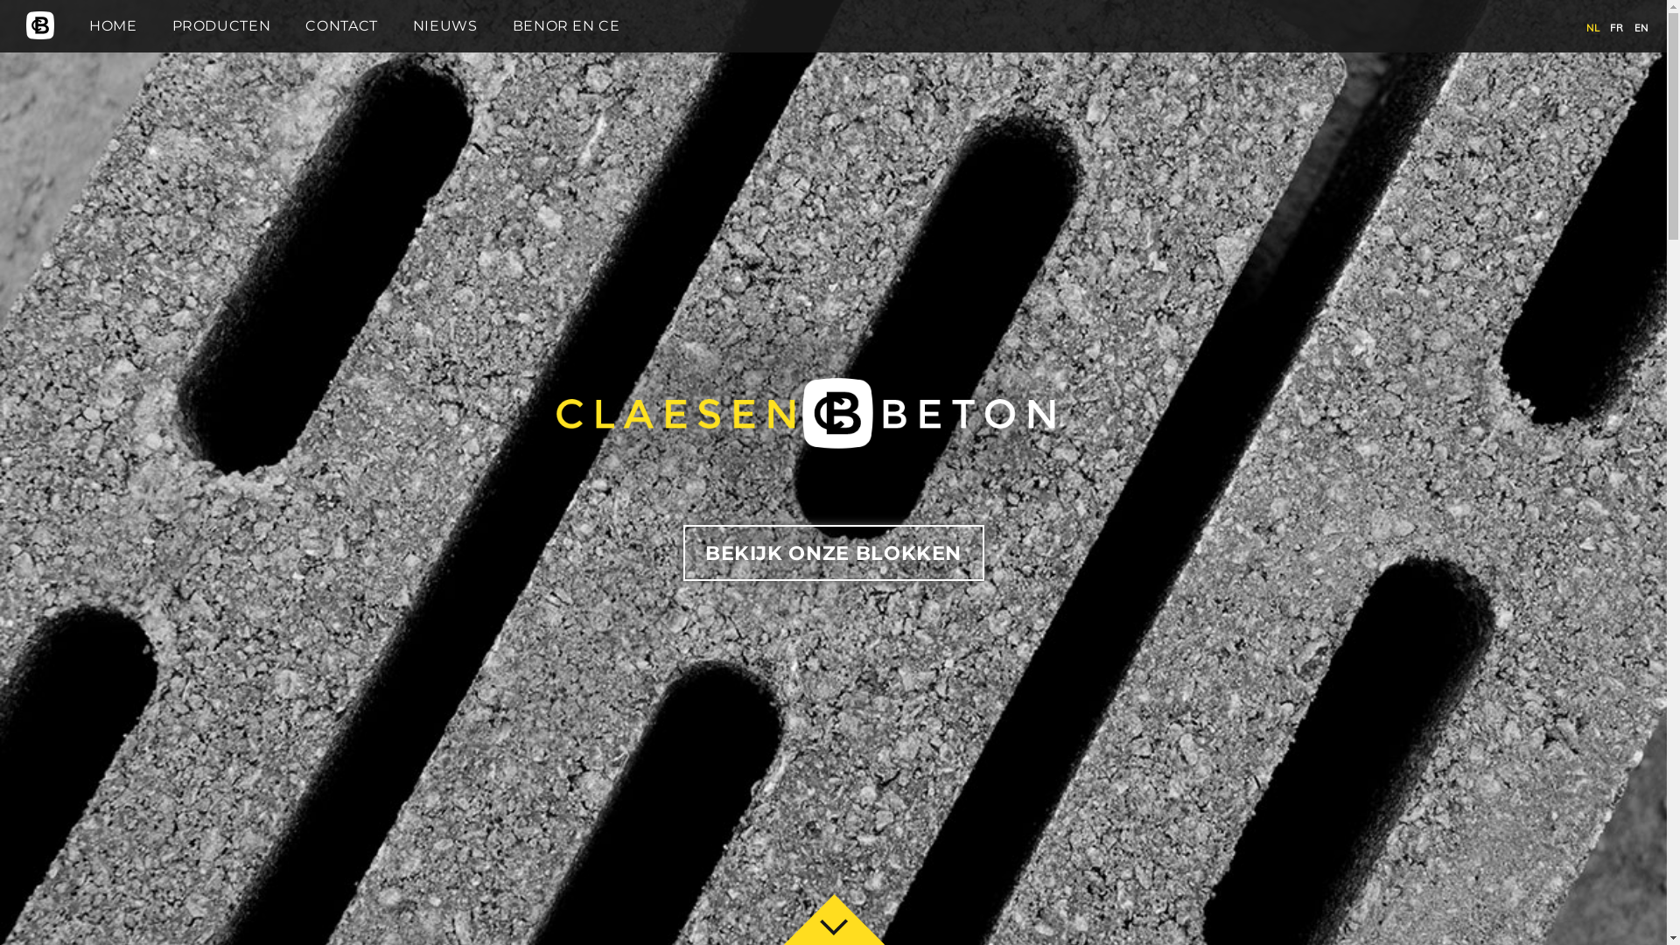 This screenshot has height=945, width=1680. Describe the element at coordinates (220, 25) in the screenshot. I see `'PRODUCTEN'` at that location.